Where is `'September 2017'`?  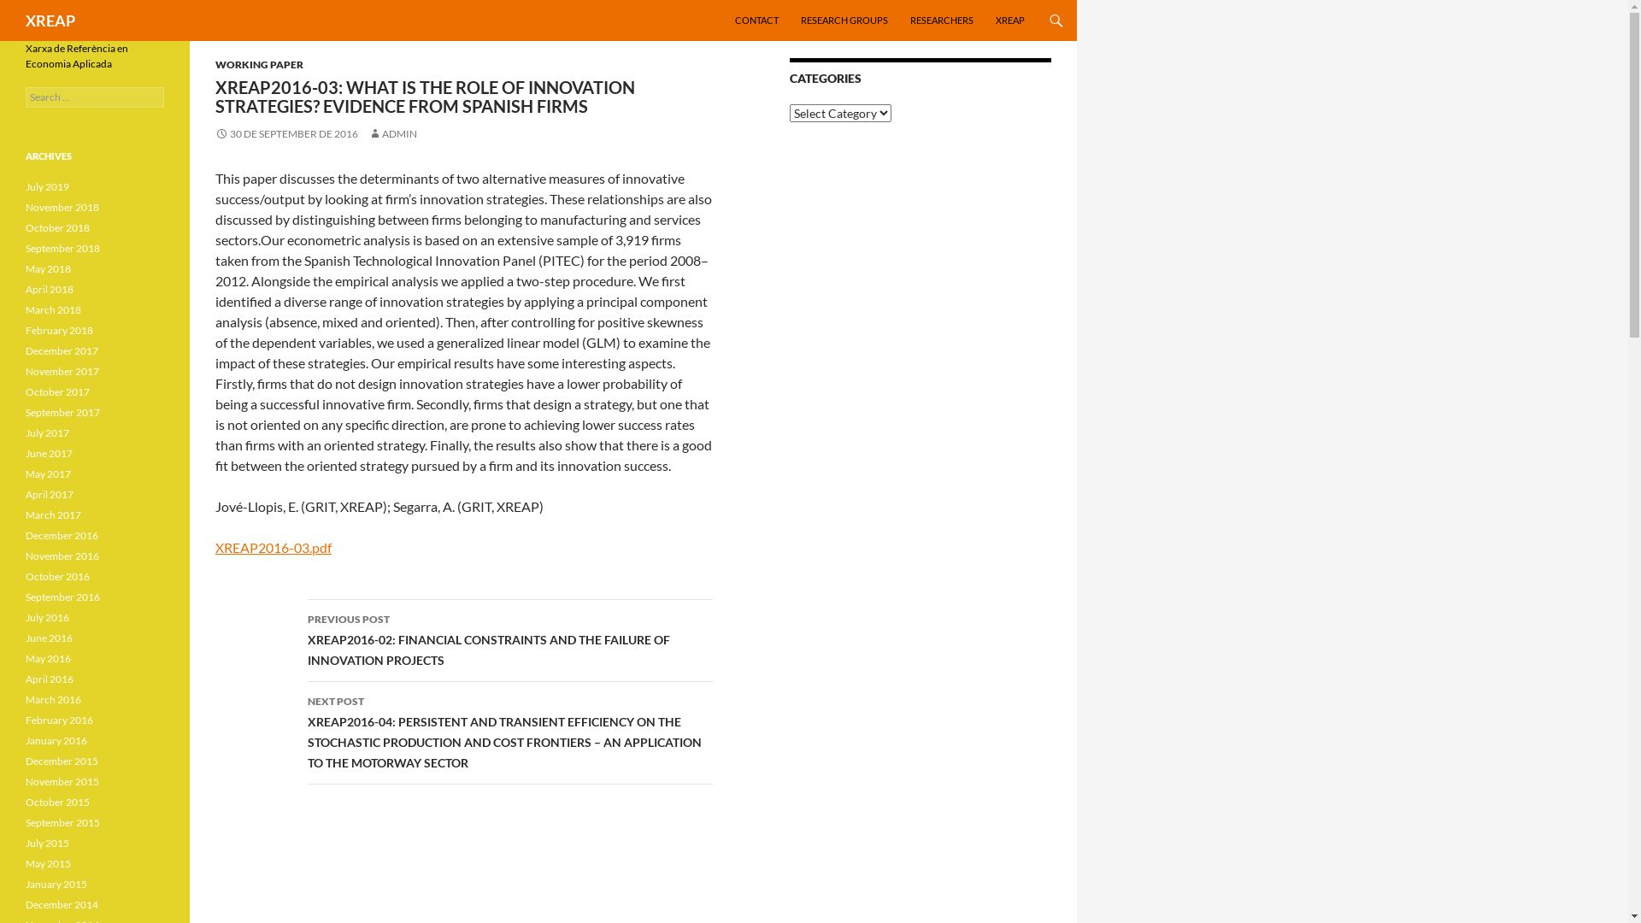
'September 2017' is located at coordinates (62, 412).